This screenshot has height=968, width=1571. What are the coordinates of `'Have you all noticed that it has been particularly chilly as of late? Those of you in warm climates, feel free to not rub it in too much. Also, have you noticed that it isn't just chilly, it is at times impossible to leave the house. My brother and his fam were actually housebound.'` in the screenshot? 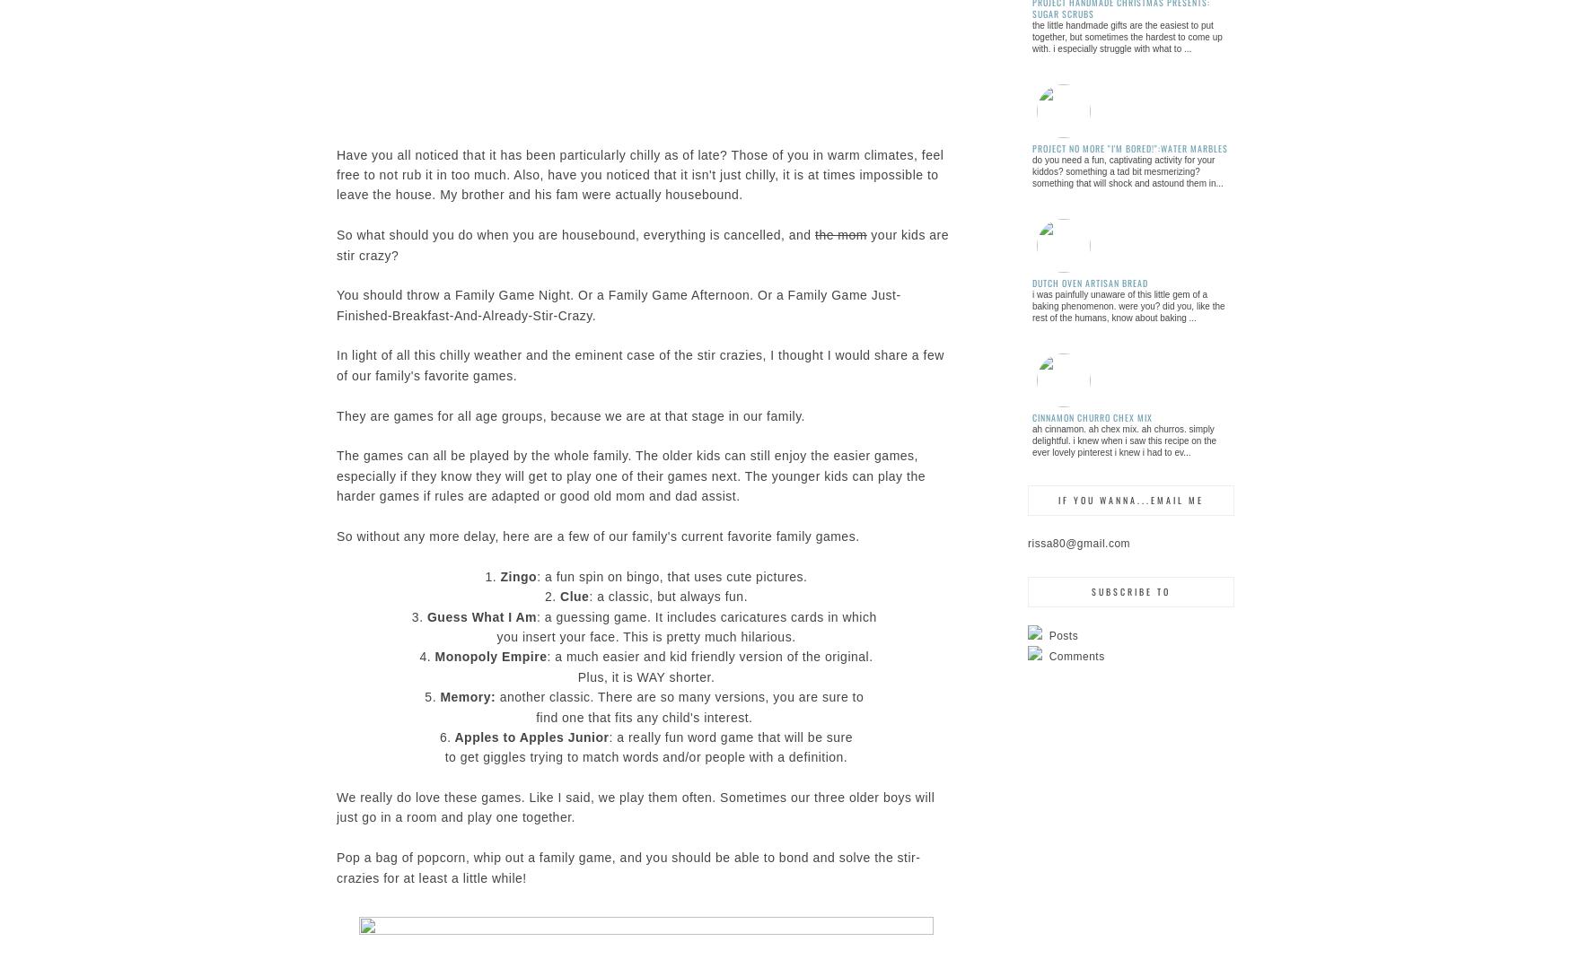 It's located at (639, 174).